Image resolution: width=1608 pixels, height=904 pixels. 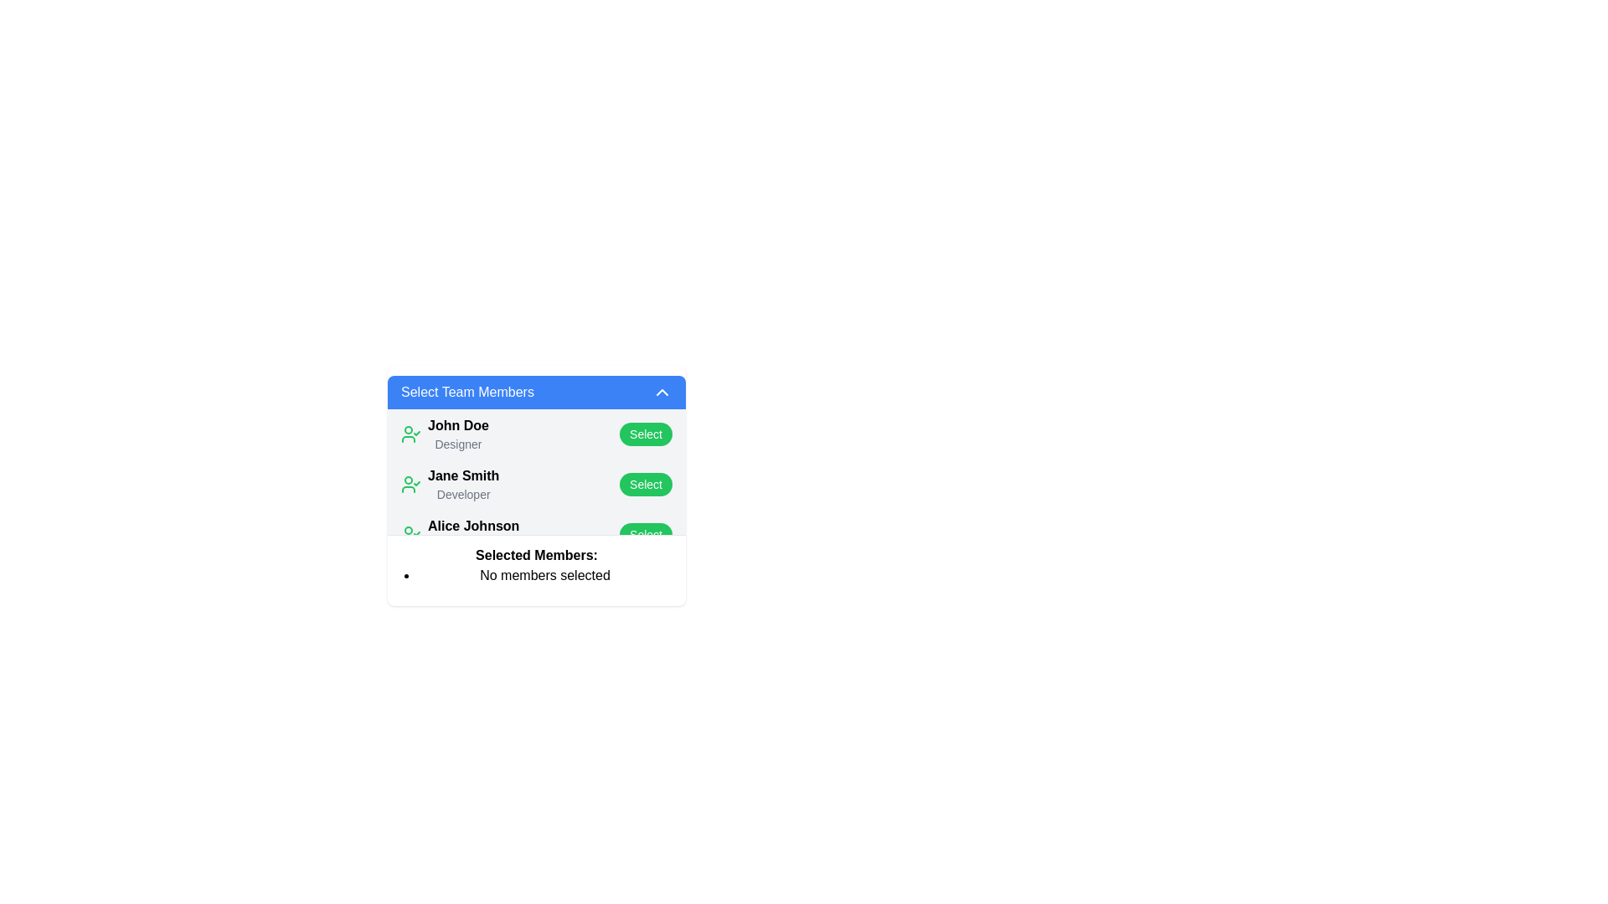 I want to click on the visual state of the user icon with a checkmark overlay for 'John Doe' in the 'Select Team Members' box, so click(x=410, y=434).